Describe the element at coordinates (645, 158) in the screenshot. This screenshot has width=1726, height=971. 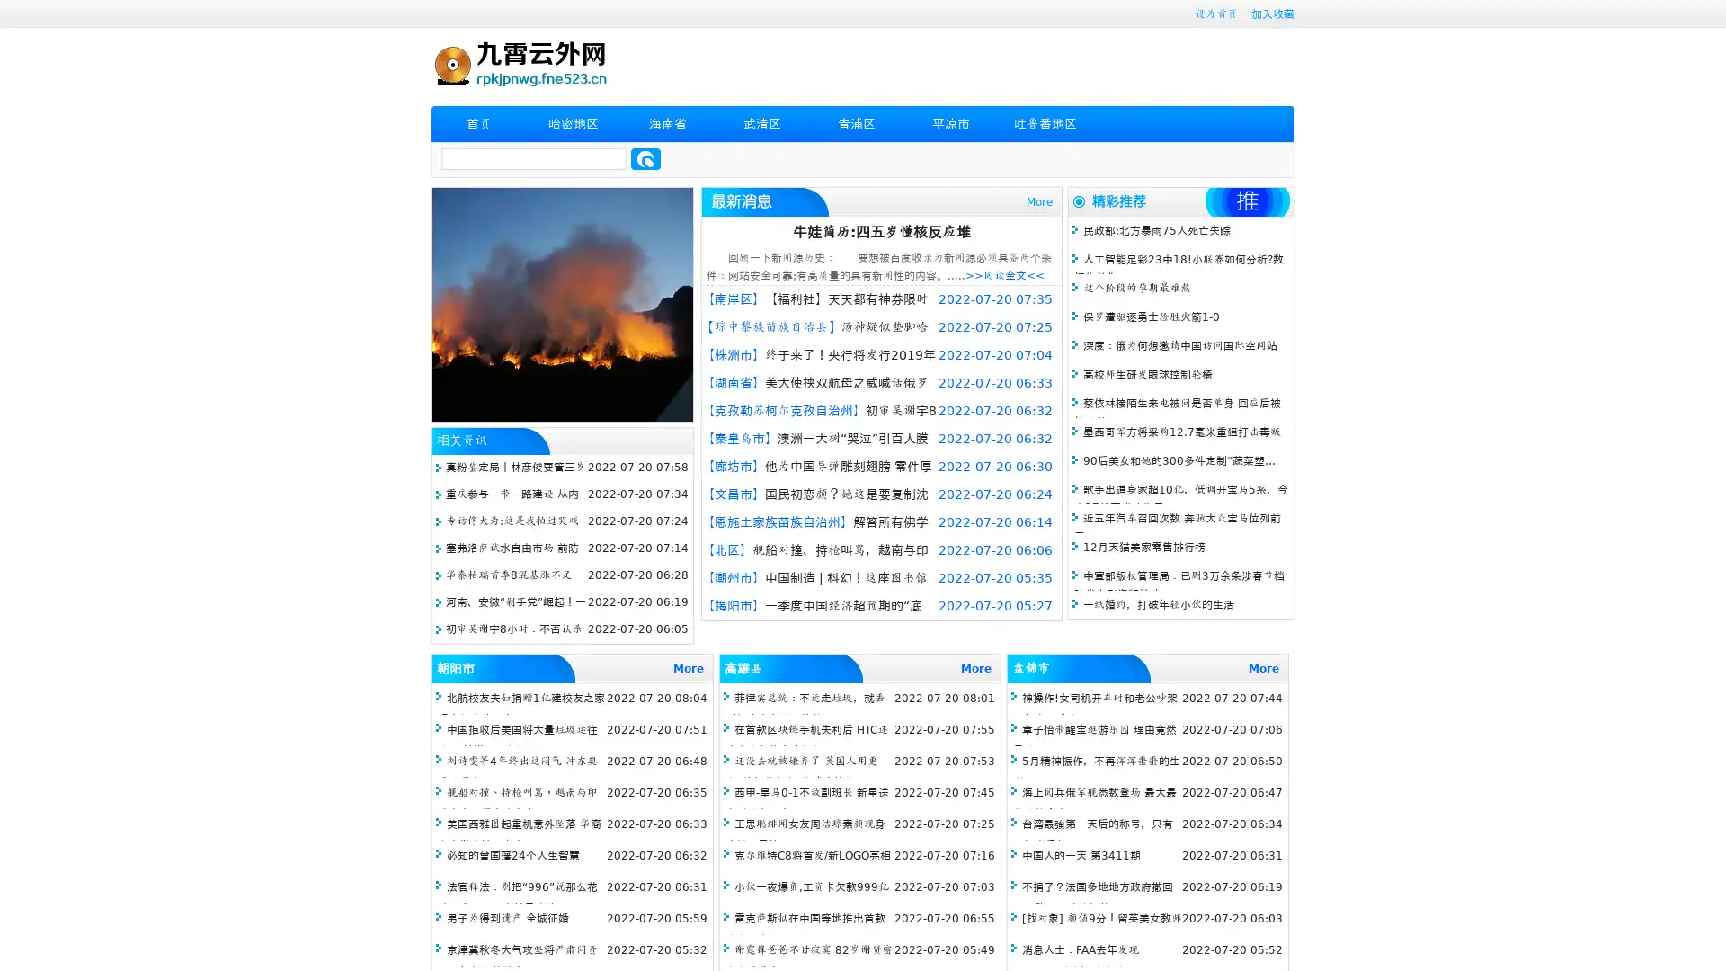
I see `Search` at that location.